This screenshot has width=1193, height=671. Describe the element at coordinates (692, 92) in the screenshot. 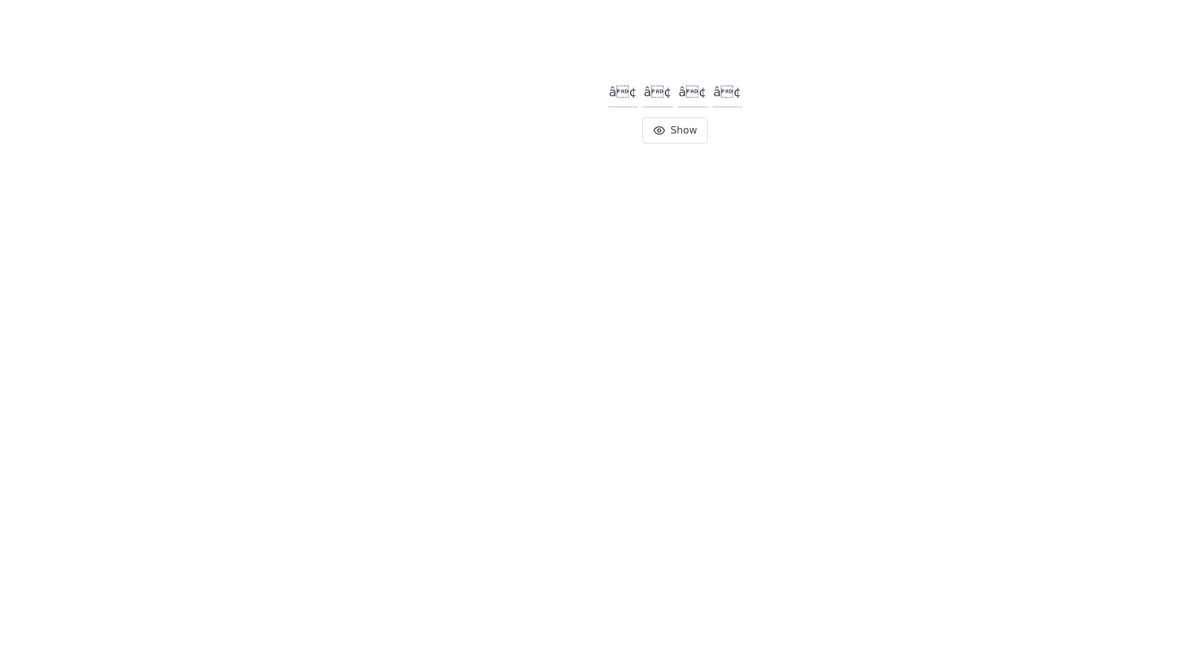

I see `the third input field, which is a square text input box with a placeholder 'â€¢' in bold font, to focus on it` at that location.